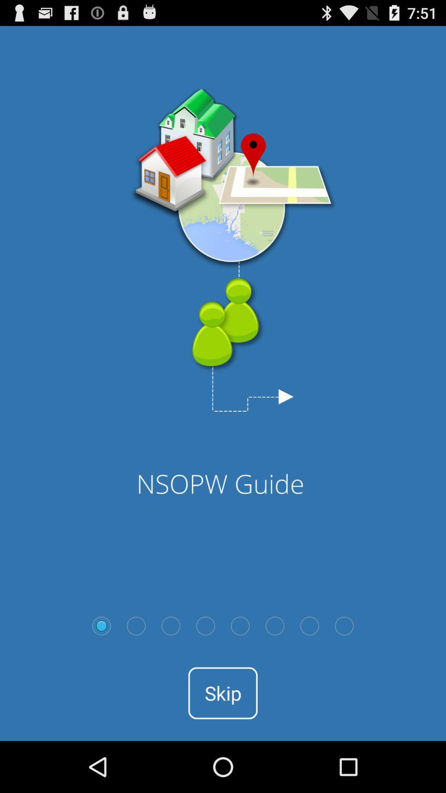 Image resolution: width=446 pixels, height=793 pixels. What do you see at coordinates (205, 626) in the screenshot?
I see `slide` at bounding box center [205, 626].